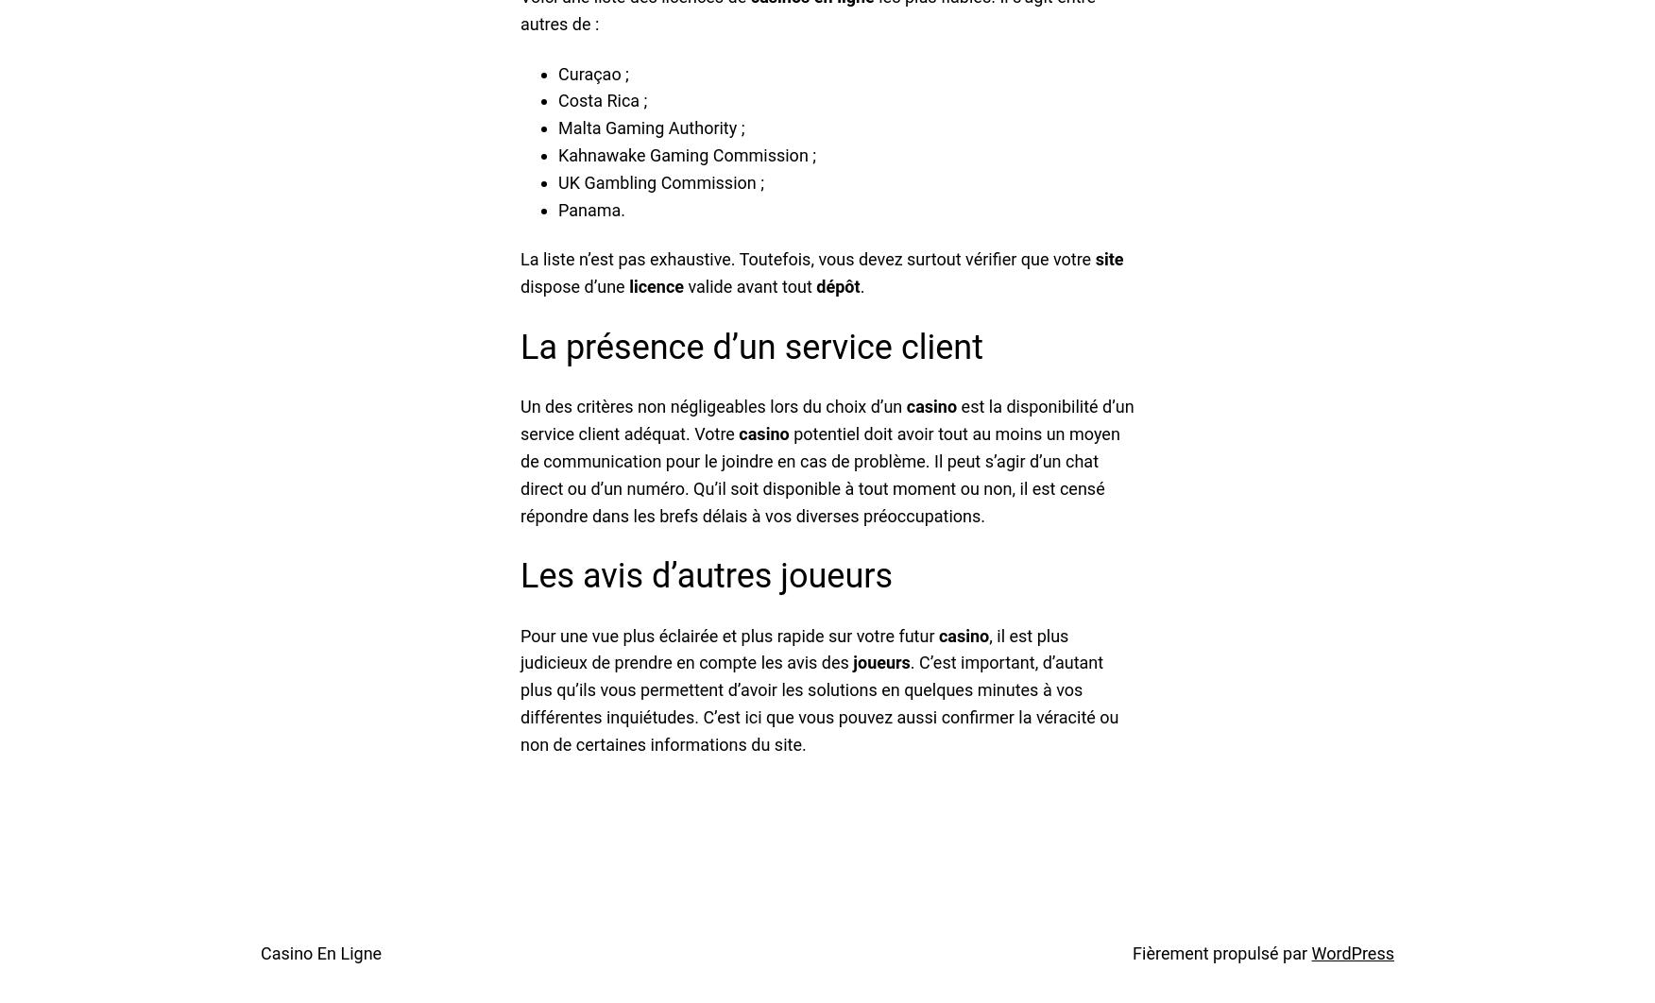 The height and width of the screenshot is (1003, 1655). Describe the element at coordinates (520, 576) in the screenshot. I see `'Les avis d’autres joueurs'` at that location.